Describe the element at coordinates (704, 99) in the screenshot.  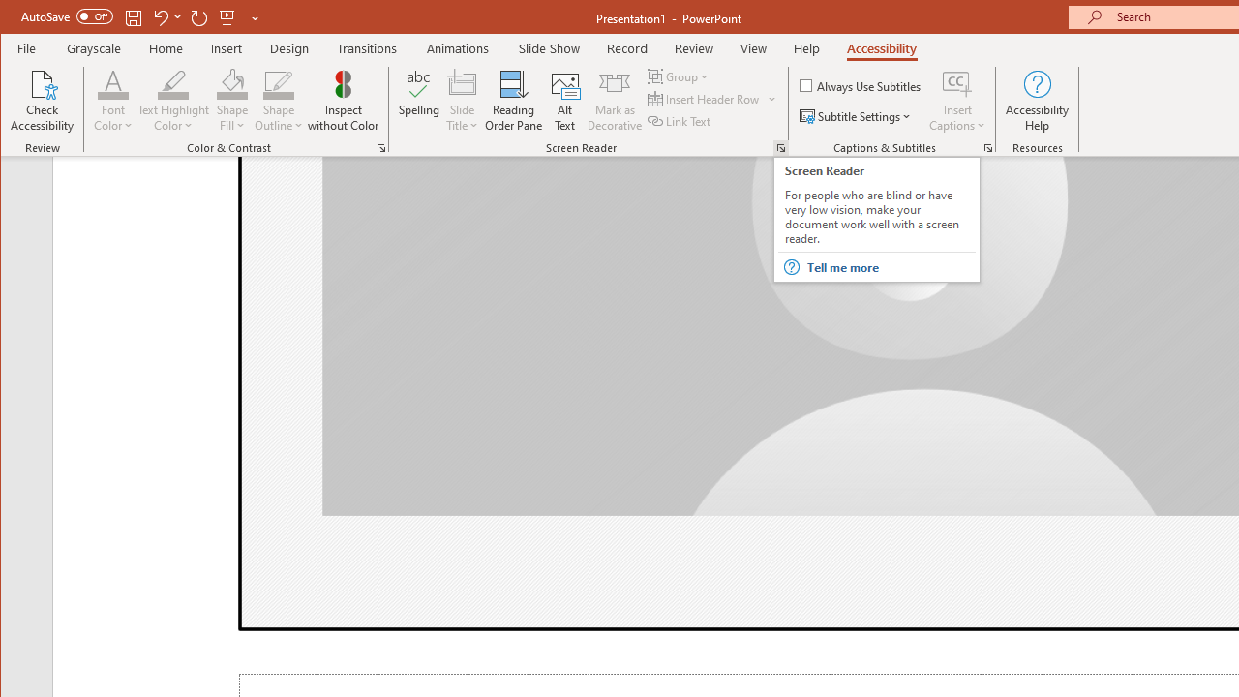
I see `'Insert Header Row'` at that location.